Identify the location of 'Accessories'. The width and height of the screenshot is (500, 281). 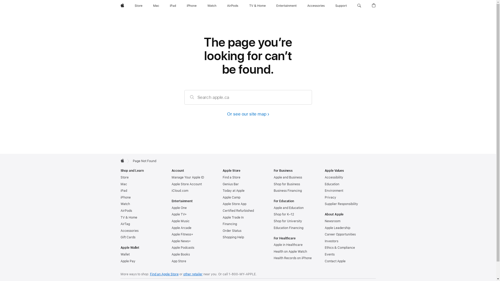
(316, 6).